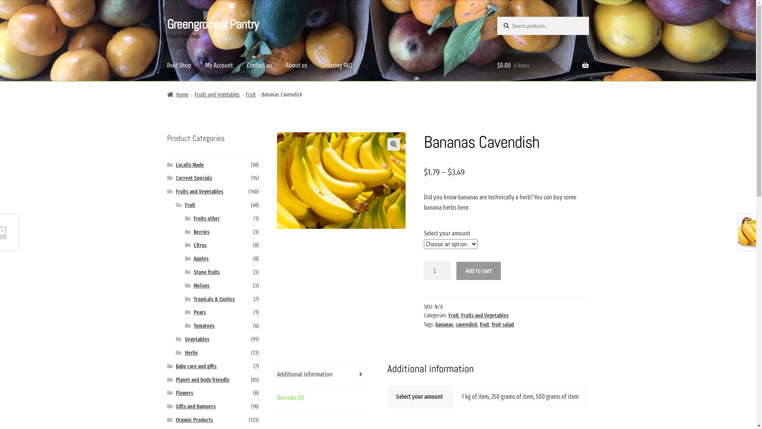  Describe the element at coordinates (196, 366) in the screenshot. I see `'Baby care and gifts'` at that location.